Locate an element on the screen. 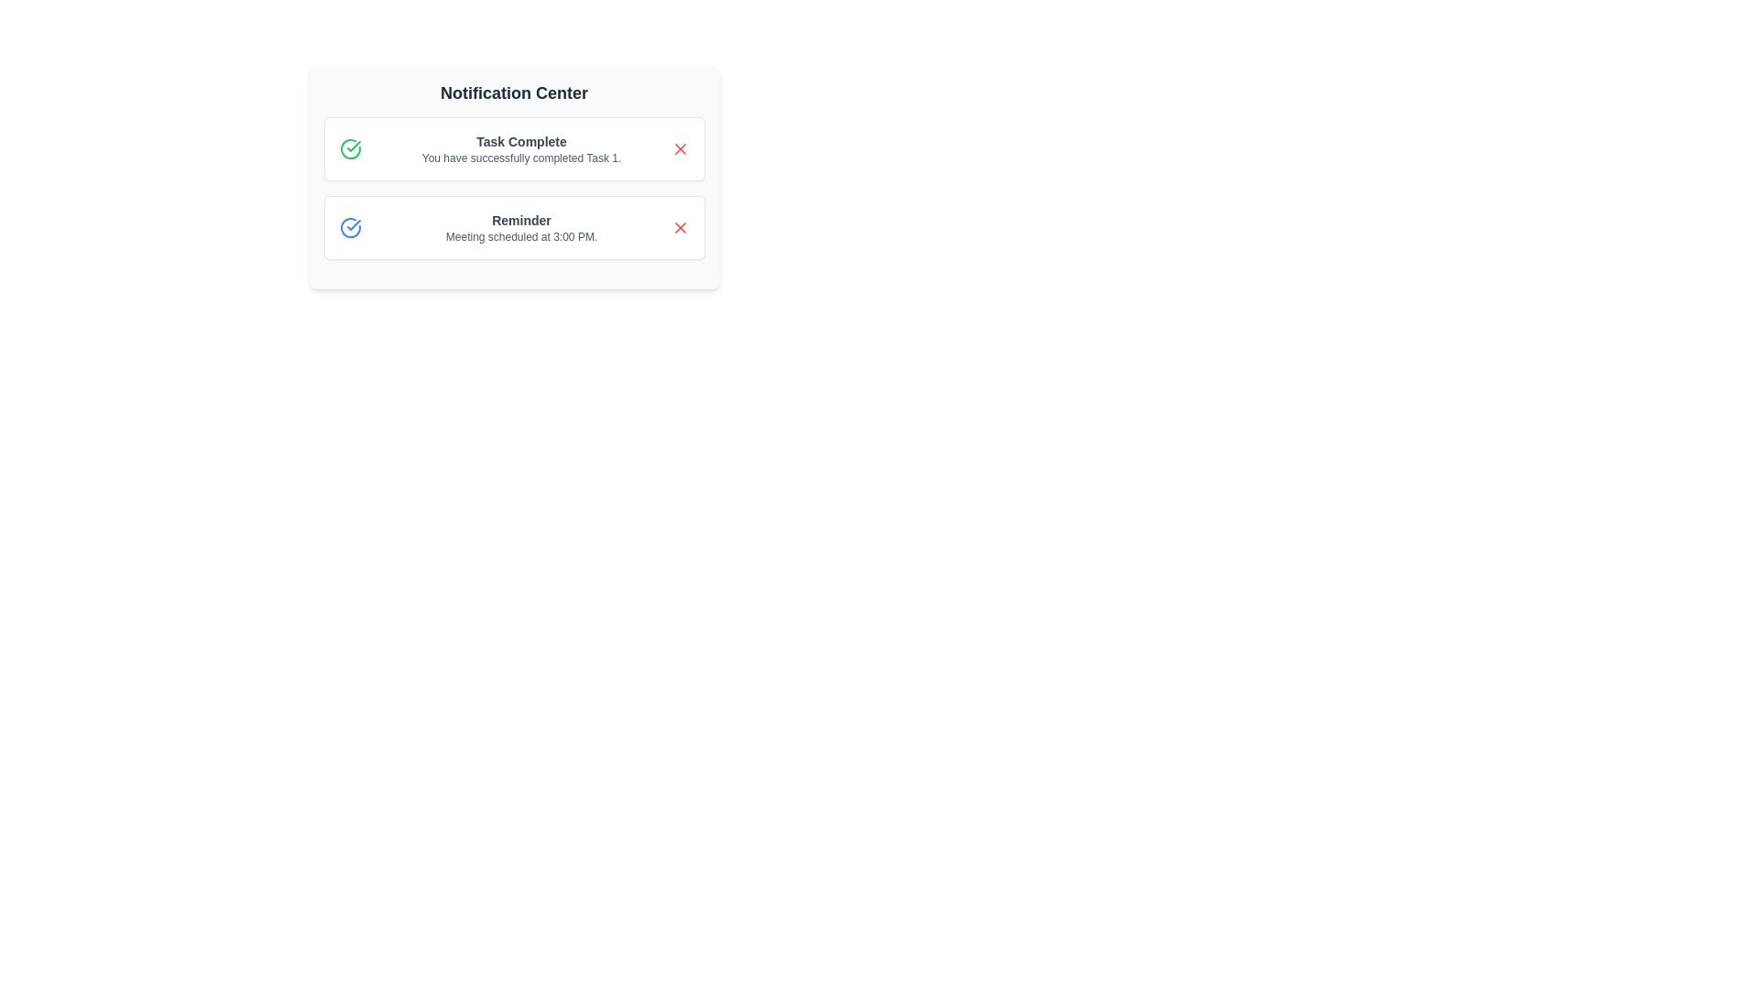  the small red cross-shaped icon in the upper-right corner of the first notification card is located at coordinates (679, 147).